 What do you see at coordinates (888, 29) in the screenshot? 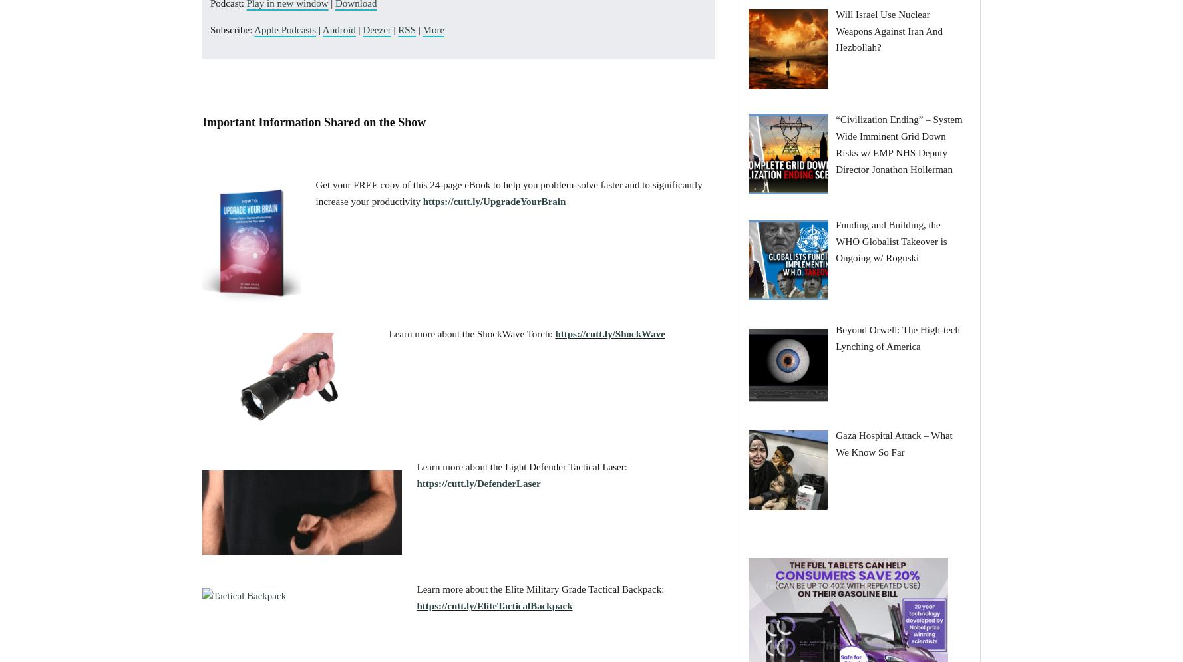
I see `'Will Israel Use Nuclear Weapons Against Iran And Hezbollah?'` at bounding box center [888, 29].